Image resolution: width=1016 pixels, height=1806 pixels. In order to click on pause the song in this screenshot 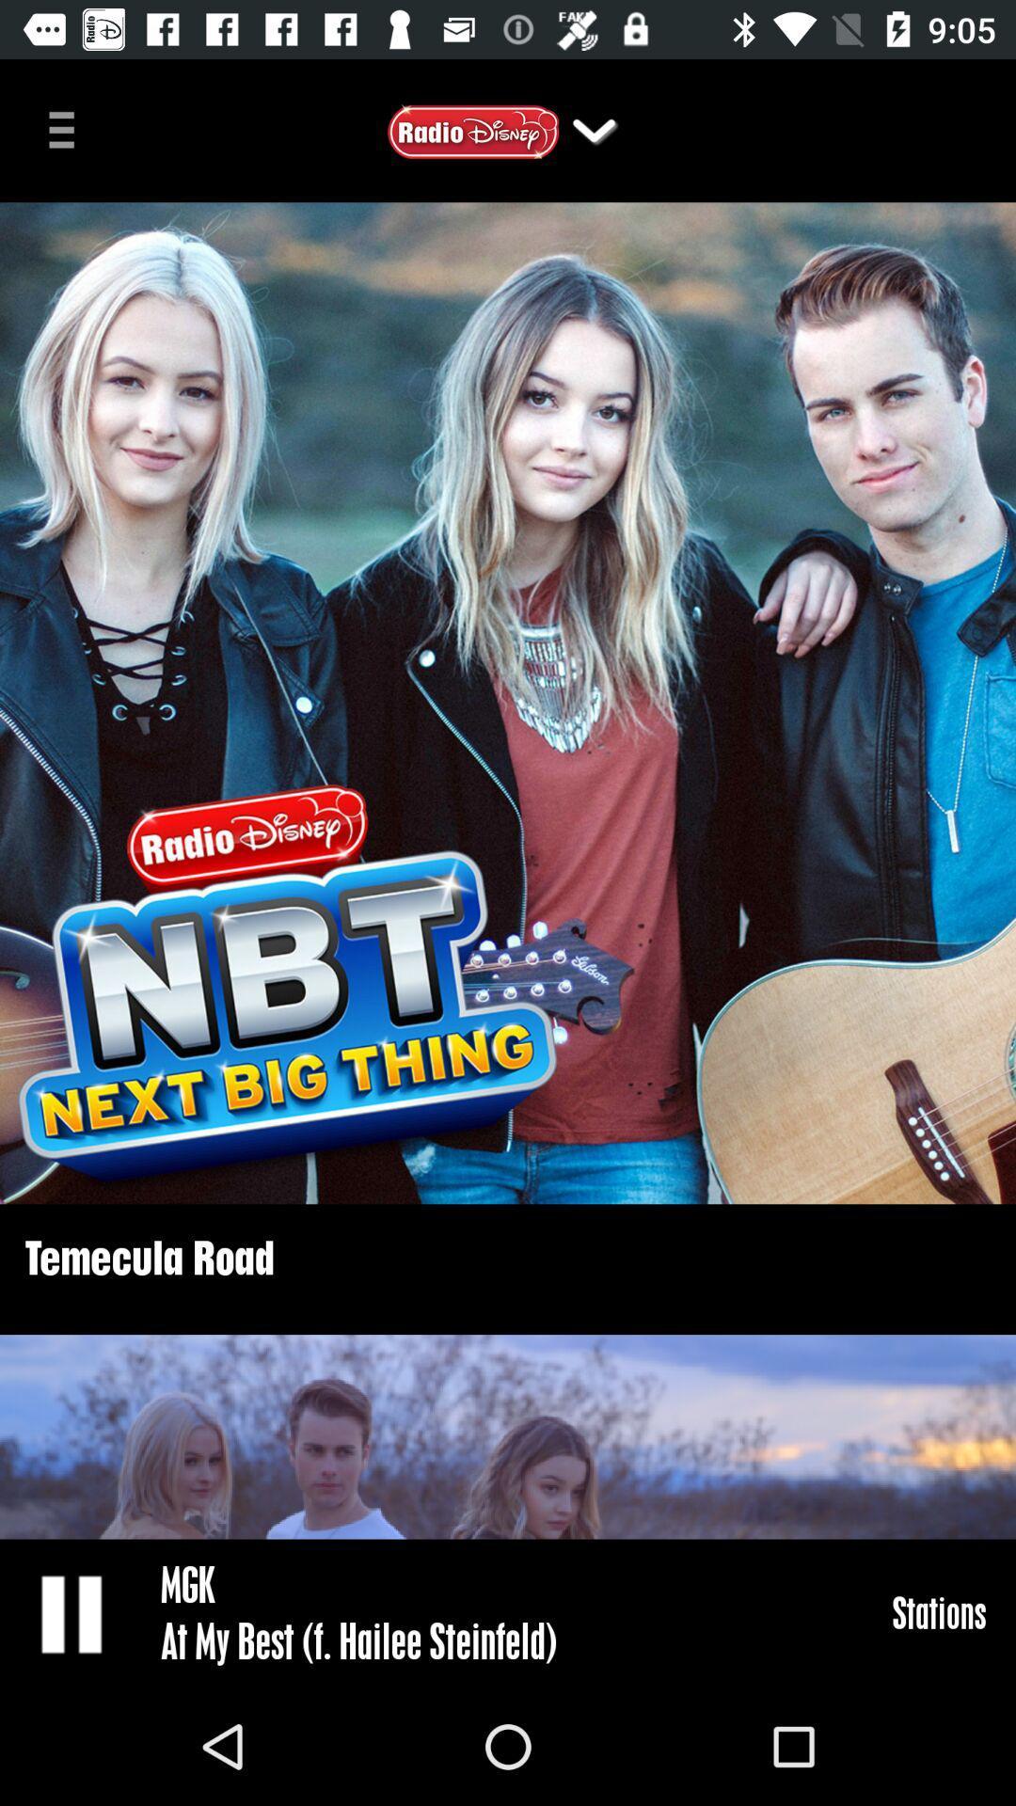, I will do `click(72, 1612)`.